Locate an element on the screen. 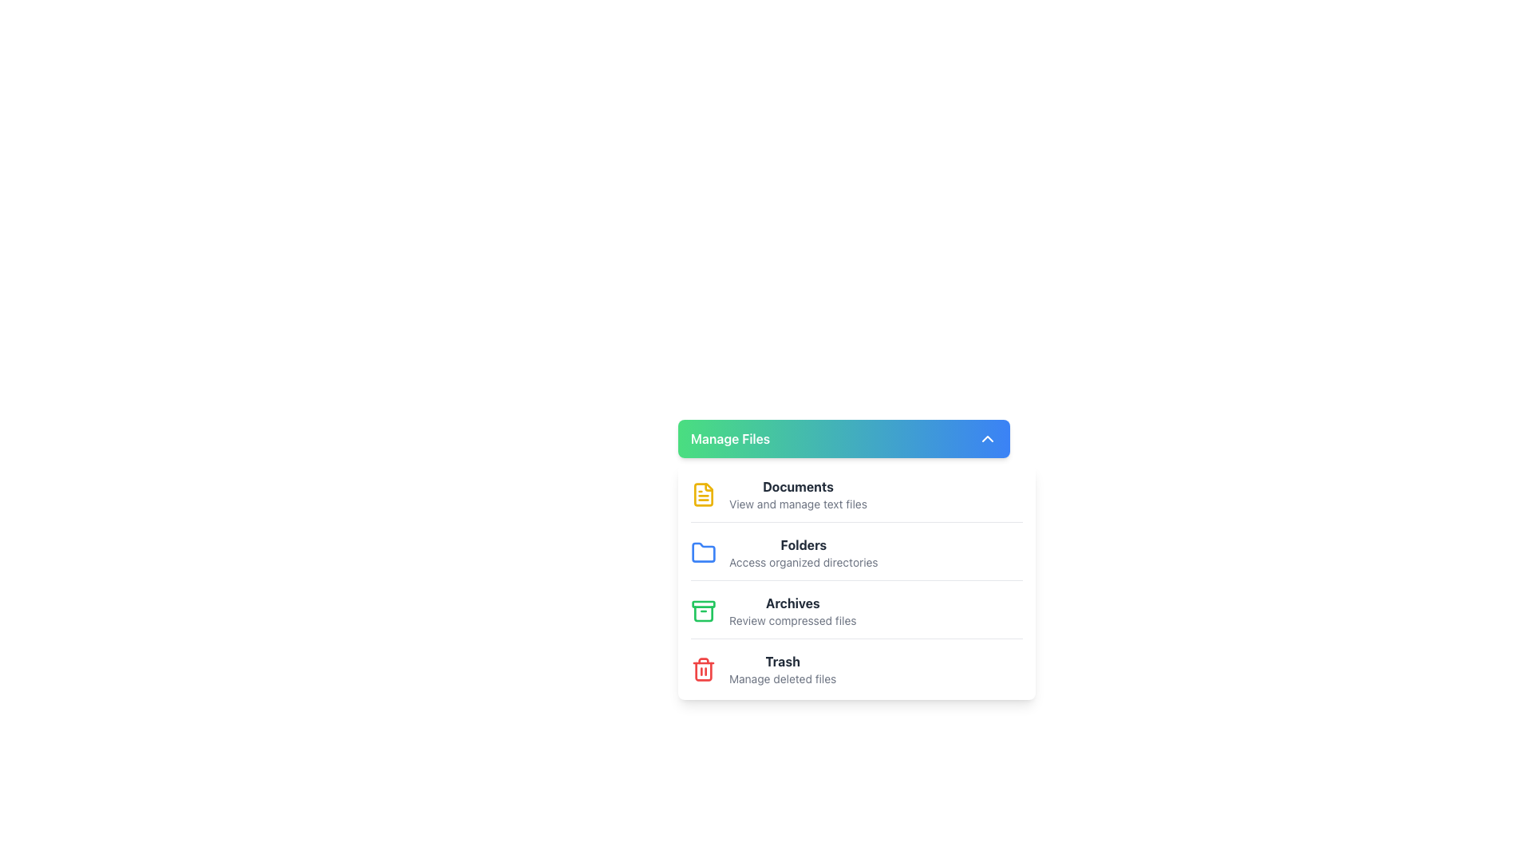 This screenshot has width=1532, height=862. the text block at the bottom of the card layout is located at coordinates (783, 670).